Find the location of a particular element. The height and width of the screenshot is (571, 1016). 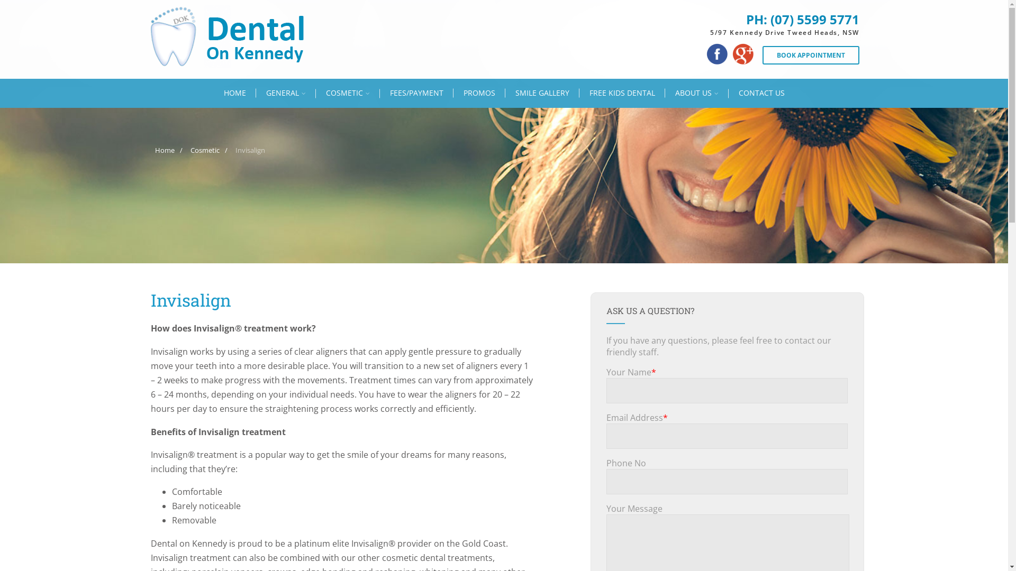

'PROMOS' is located at coordinates (452, 93).